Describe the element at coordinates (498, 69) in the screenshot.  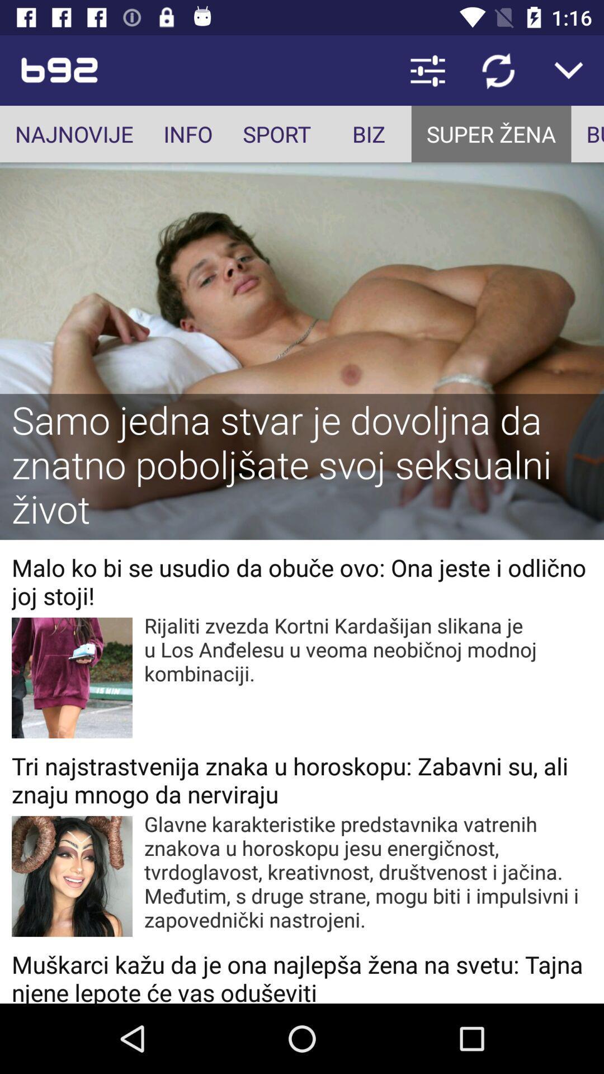
I see `the refresh icon` at that location.